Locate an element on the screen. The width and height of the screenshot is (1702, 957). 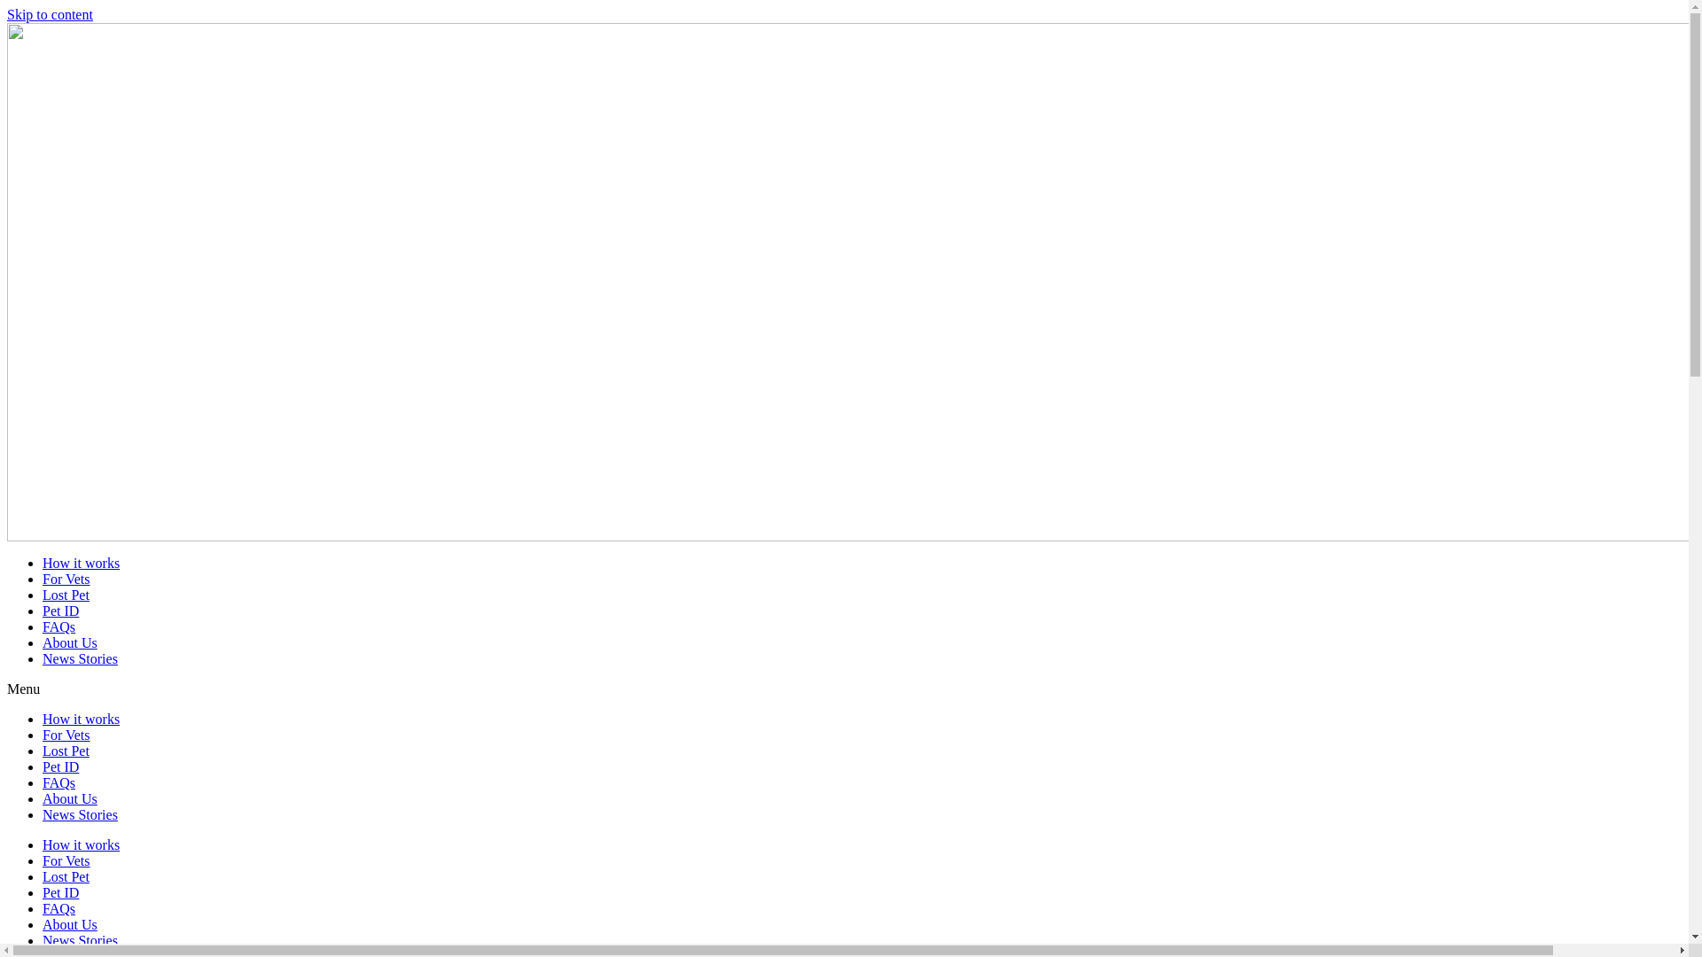
'How it works' is located at coordinates (43, 563).